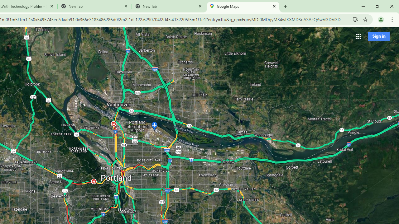 This screenshot has height=224, width=399. Describe the element at coordinates (355, 19) in the screenshot. I see `'Install Google Maps'` at that location.